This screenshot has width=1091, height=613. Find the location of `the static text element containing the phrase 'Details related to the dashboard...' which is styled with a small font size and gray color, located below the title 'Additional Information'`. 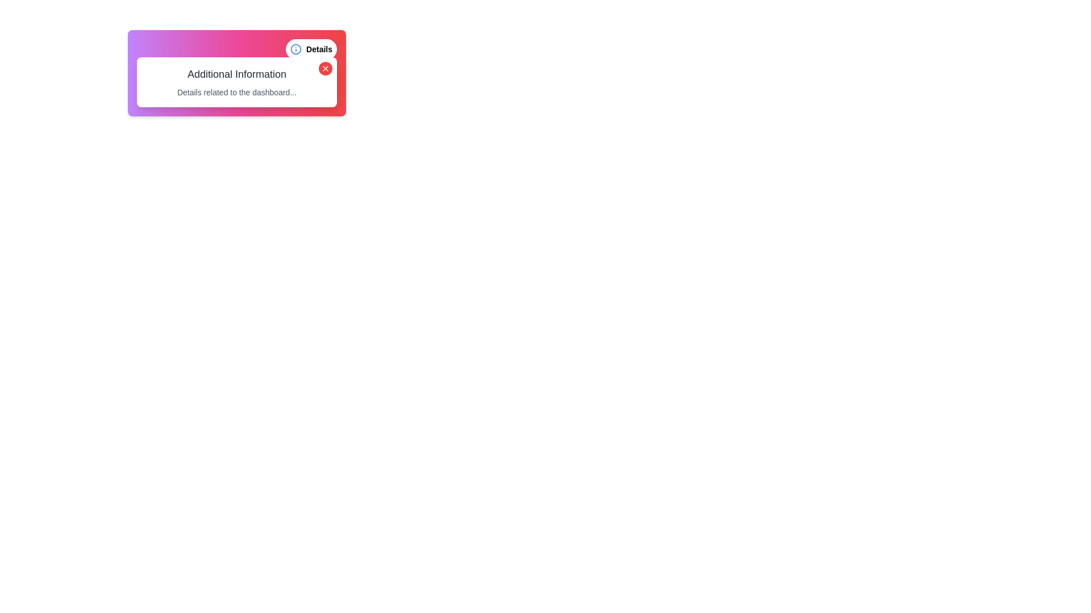

the static text element containing the phrase 'Details related to the dashboard...' which is styled with a small font size and gray color, located below the title 'Additional Information' is located at coordinates (236, 91).